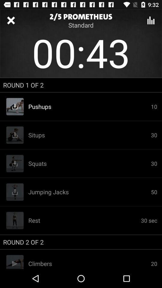 The image size is (162, 288). I want to click on the close icon, so click(11, 20).